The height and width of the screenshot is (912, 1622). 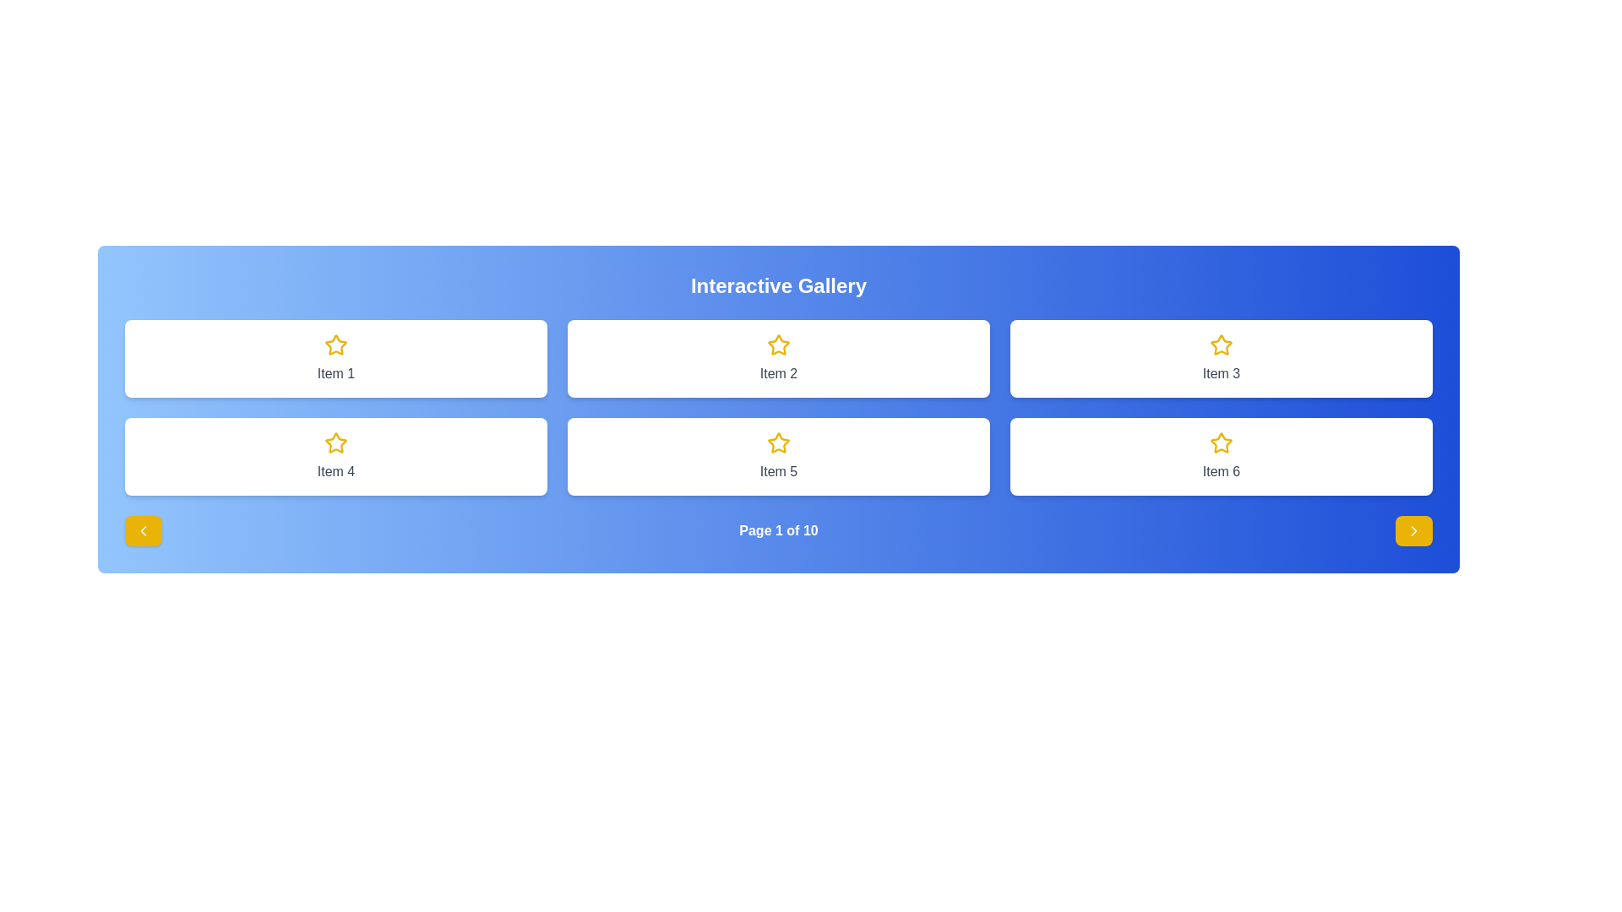 What do you see at coordinates (1414, 529) in the screenshot?
I see `the circular yellow button containing the rightward-pointing chevron icon located at the bottom-right corner of the blue gallery interface` at bounding box center [1414, 529].